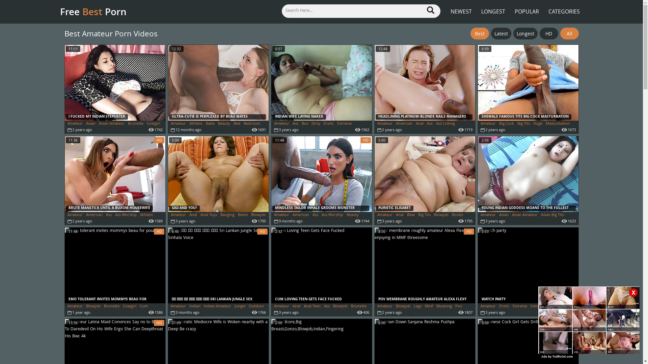  What do you see at coordinates (115, 215) in the screenshot?
I see `'Ass Worship'` at bounding box center [115, 215].